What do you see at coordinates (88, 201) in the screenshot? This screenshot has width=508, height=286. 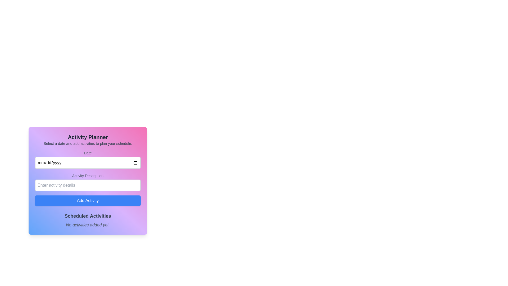 I see `the button that triggers the addition of a new activity entry, located centrally below the input fields labeled 'Date' and 'Activity Description'` at bounding box center [88, 201].